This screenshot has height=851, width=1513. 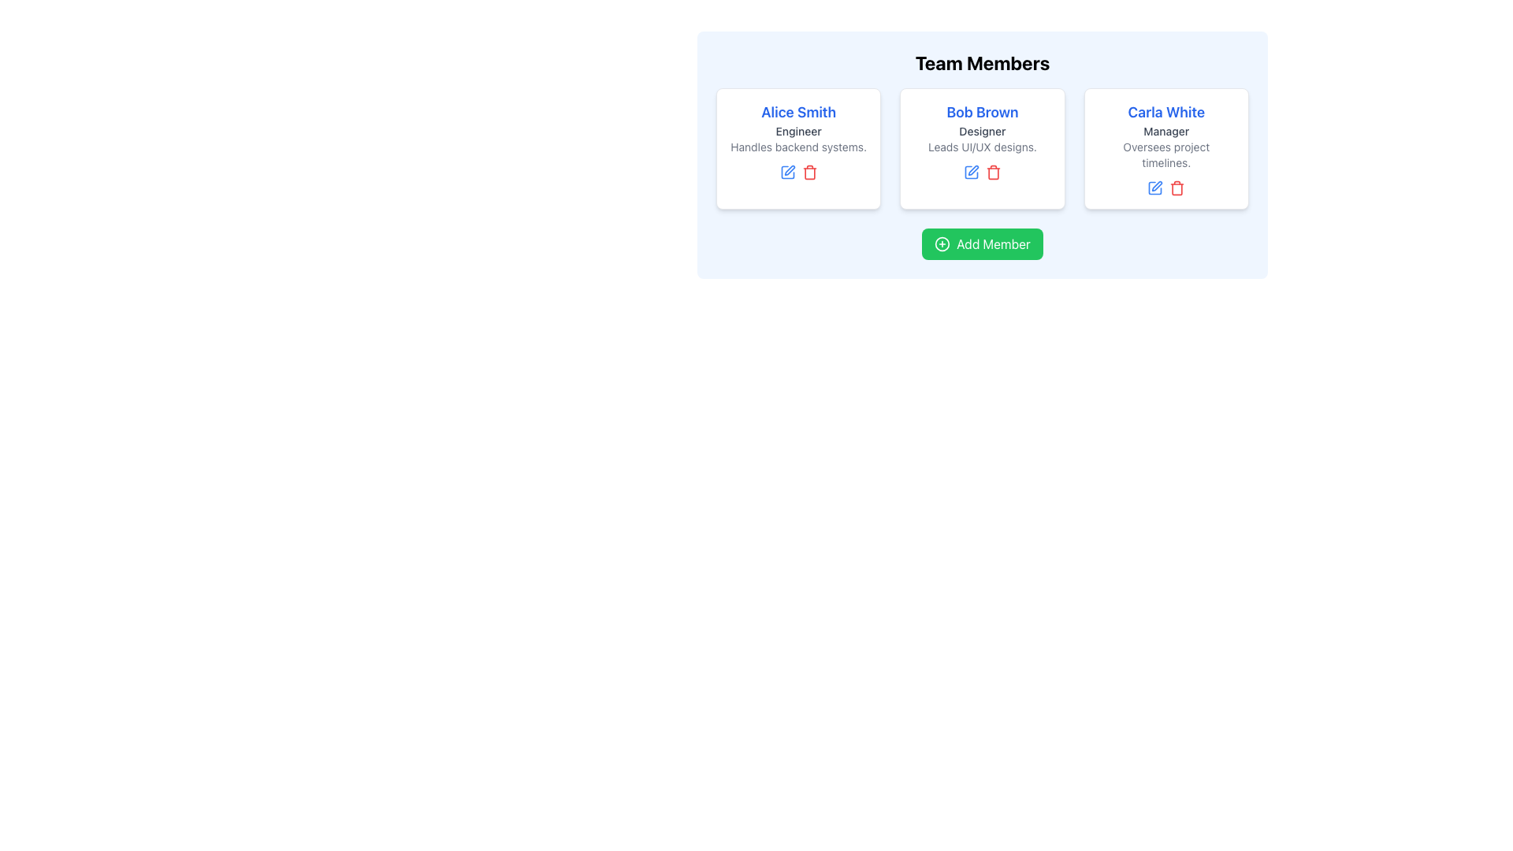 What do you see at coordinates (942, 243) in the screenshot?
I see `the circular icon with a plus symbol, which is located within the green rectangular button labeled 'Add Member' below the 'Team Members' section` at bounding box center [942, 243].